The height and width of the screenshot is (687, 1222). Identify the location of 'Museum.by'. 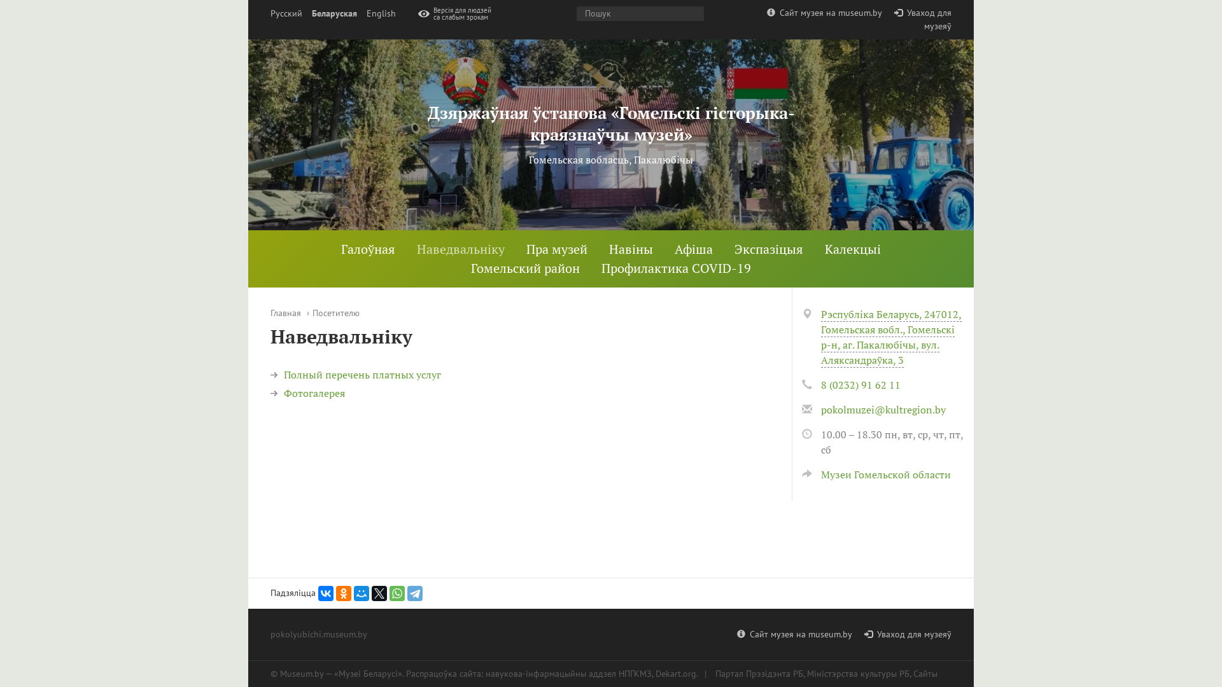
(301, 673).